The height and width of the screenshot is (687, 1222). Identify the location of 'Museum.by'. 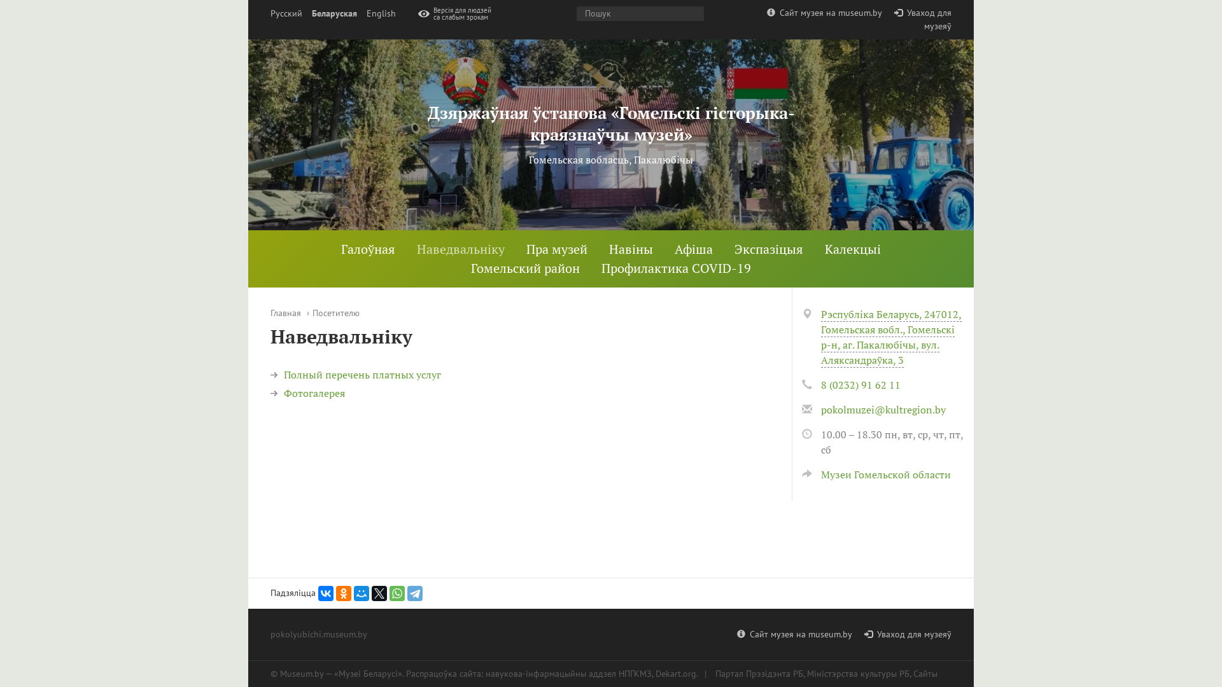
(301, 673).